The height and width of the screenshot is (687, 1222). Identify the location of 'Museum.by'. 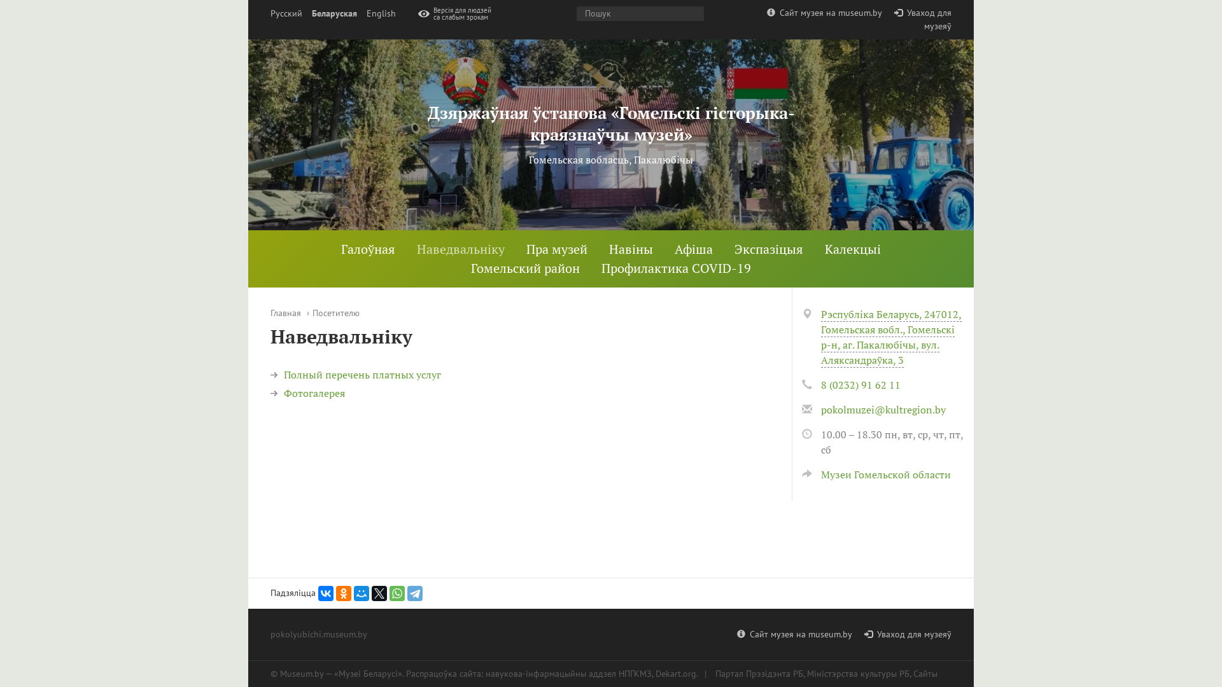
(301, 673).